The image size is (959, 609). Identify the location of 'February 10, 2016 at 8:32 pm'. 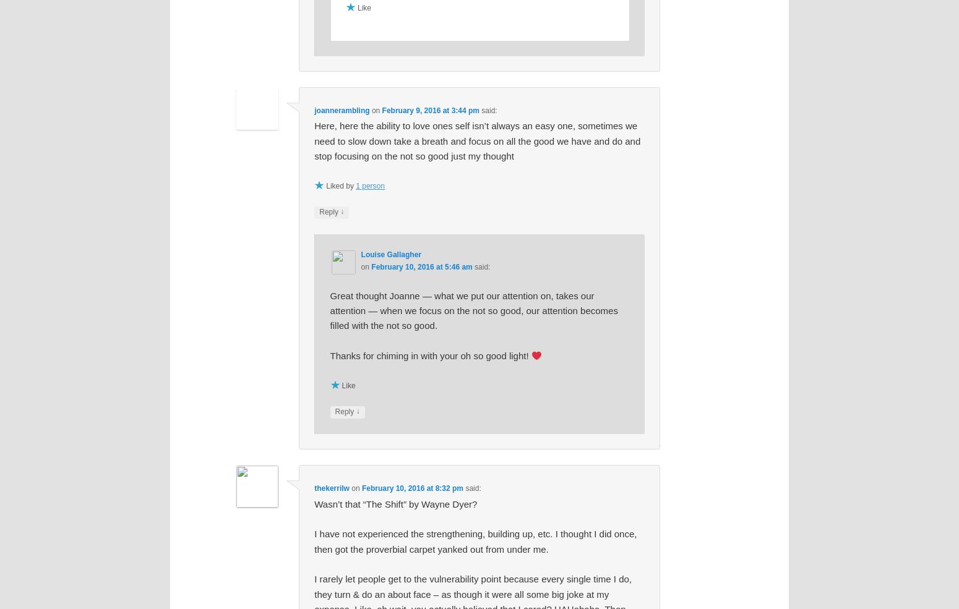
(361, 487).